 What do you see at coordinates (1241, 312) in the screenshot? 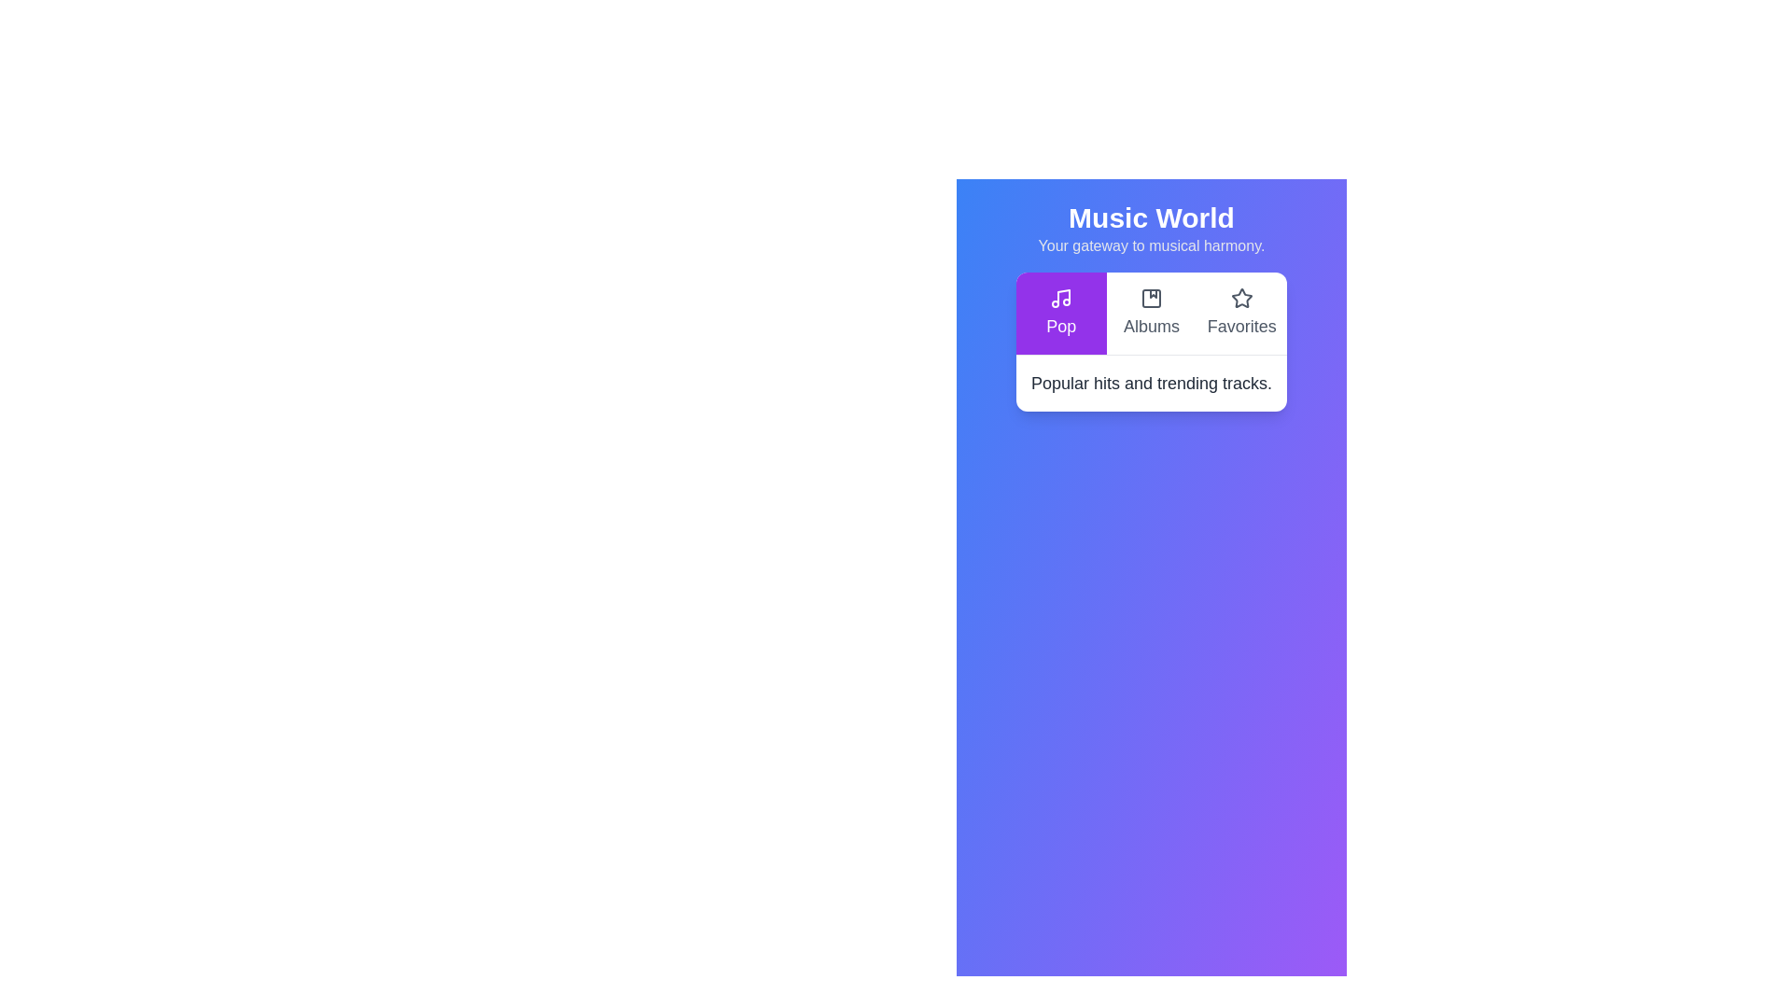
I see `the genre Favorites by clicking on its button` at bounding box center [1241, 312].